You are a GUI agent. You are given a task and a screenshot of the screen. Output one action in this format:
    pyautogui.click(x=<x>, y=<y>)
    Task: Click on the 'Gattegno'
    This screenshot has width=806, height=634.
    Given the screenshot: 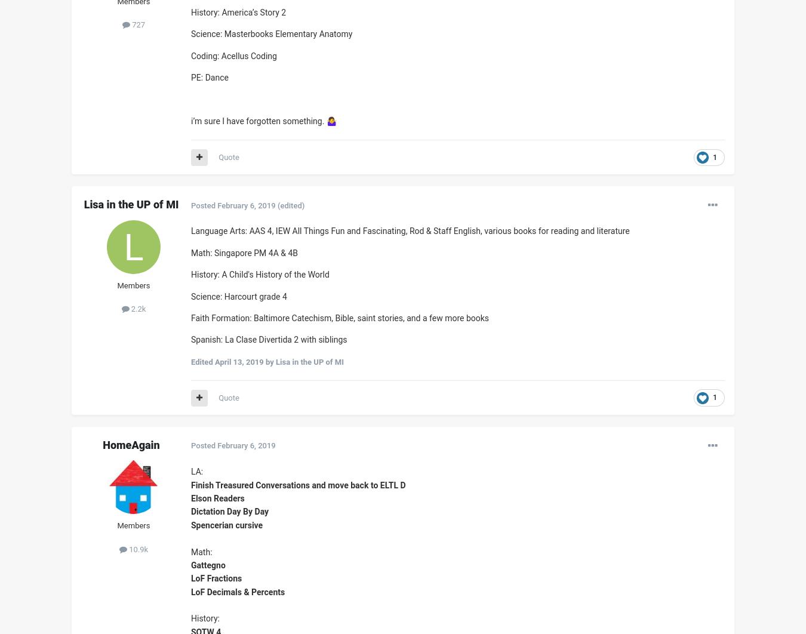 What is the action you would take?
    pyautogui.click(x=208, y=564)
    